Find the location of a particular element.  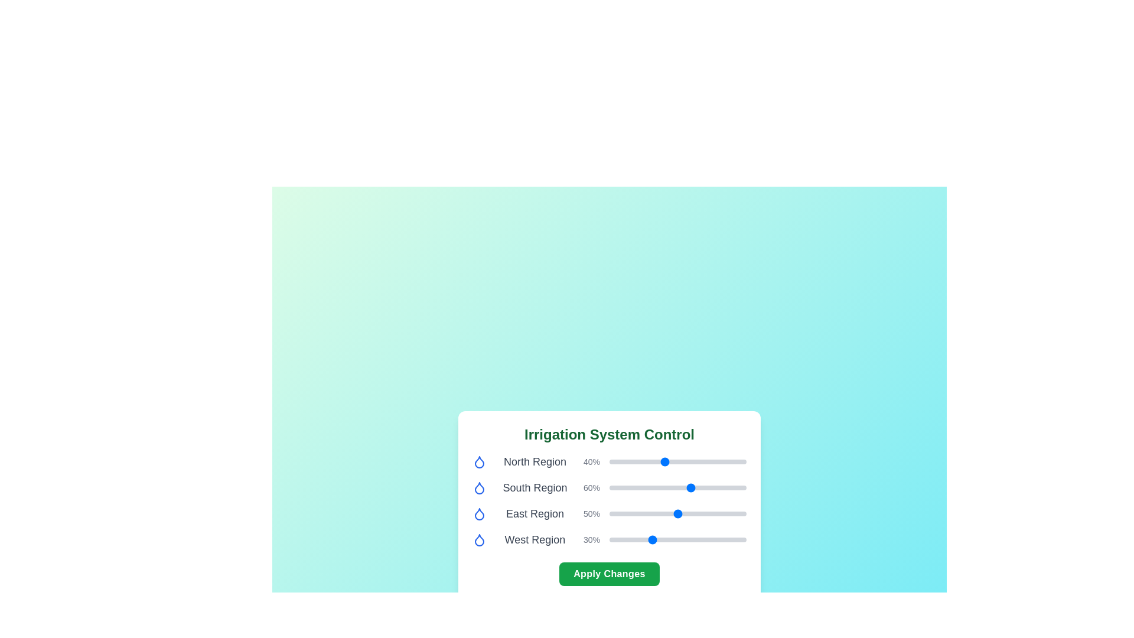

the 'Apply Changes' button to save the changes is located at coordinates (610, 574).